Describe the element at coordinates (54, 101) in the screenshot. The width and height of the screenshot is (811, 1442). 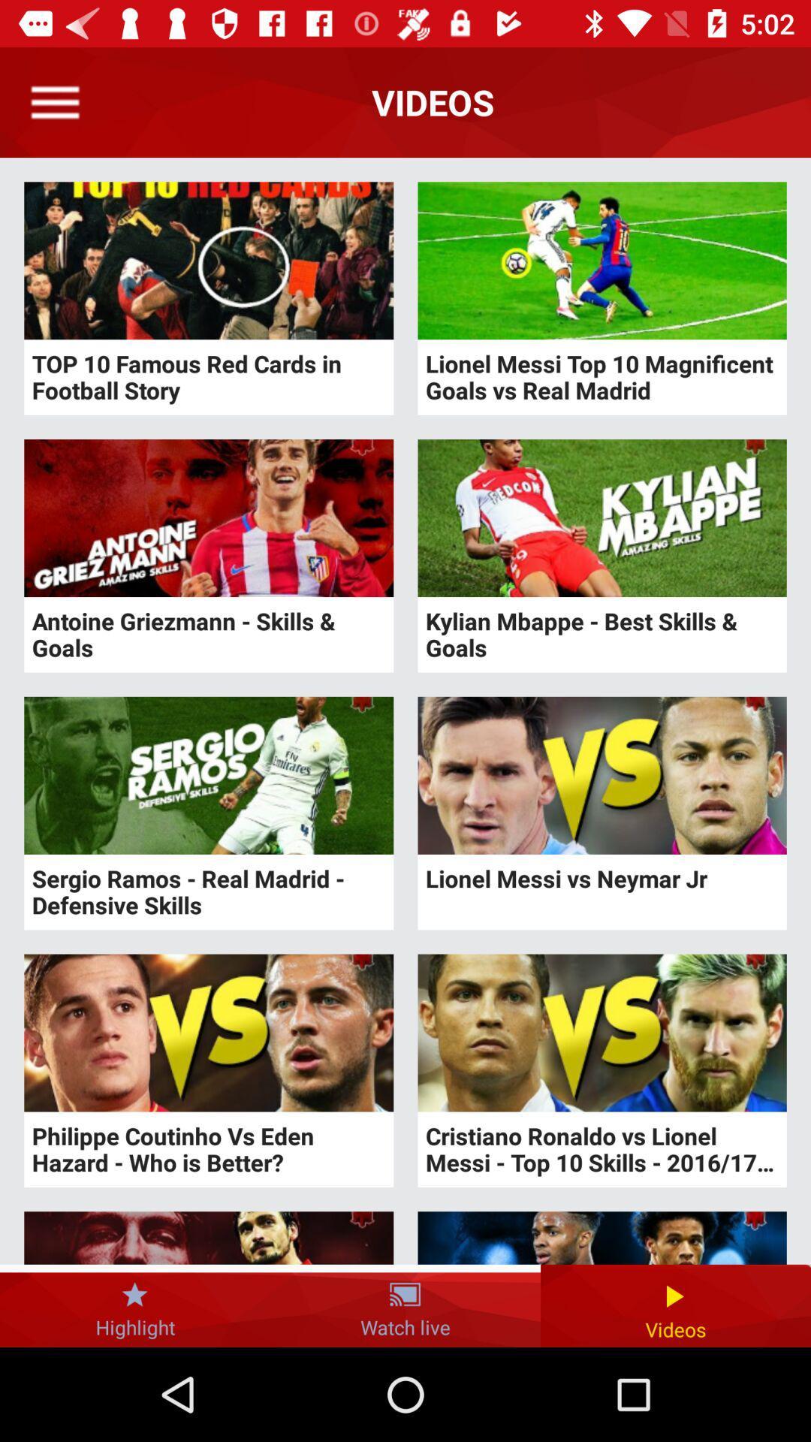
I see `the menu icon` at that location.